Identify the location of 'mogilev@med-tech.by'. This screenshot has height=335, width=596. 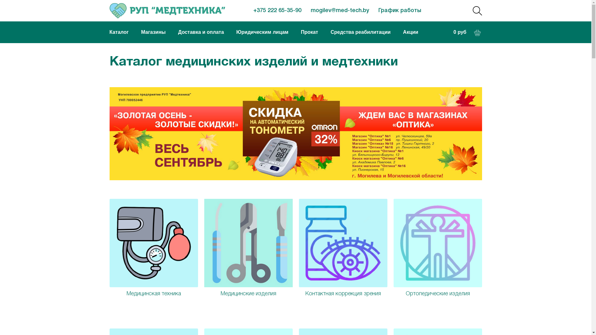
(339, 11).